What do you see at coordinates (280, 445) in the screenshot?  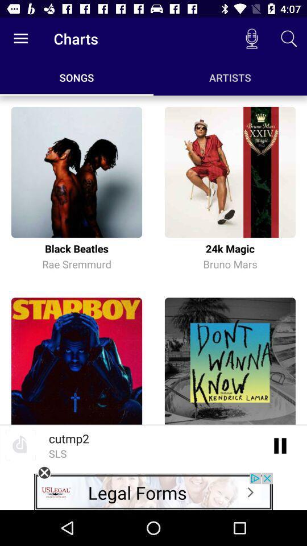 I see `an` at bounding box center [280, 445].